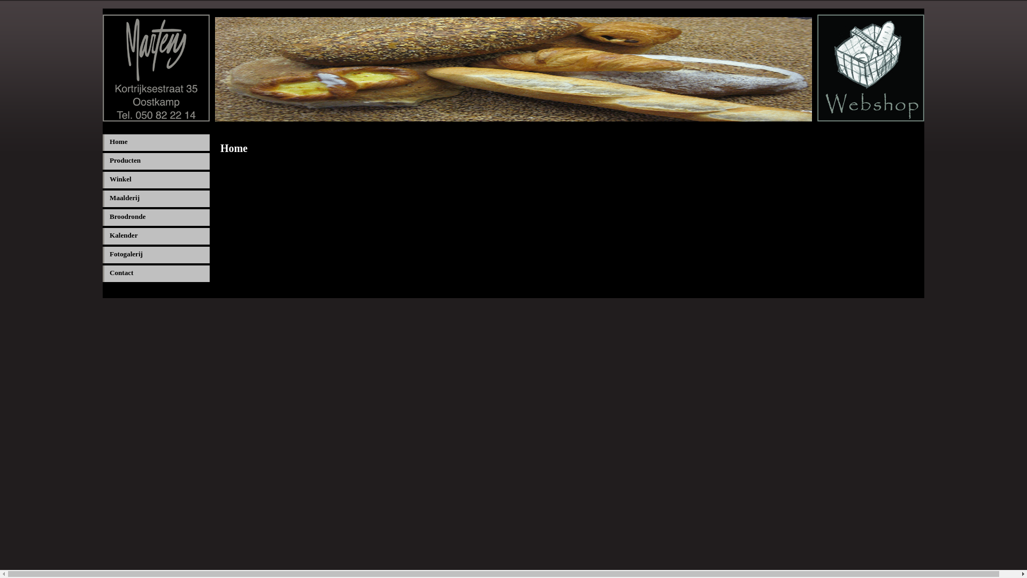 The height and width of the screenshot is (578, 1027). Describe the element at coordinates (156, 217) in the screenshot. I see `'Broodronde'` at that location.